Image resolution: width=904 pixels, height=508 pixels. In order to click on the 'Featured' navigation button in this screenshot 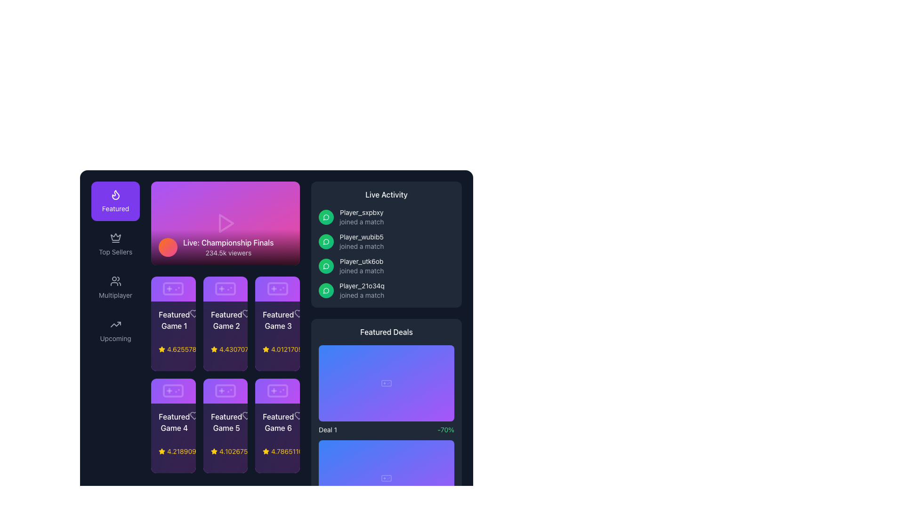, I will do `click(115, 201)`.